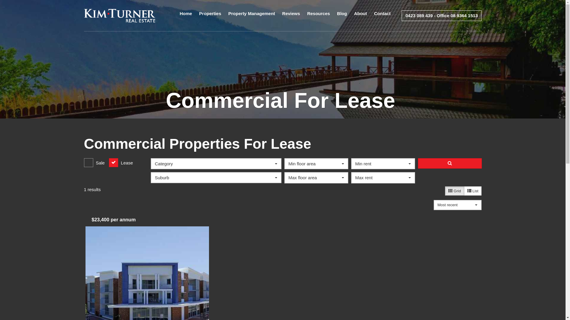 The width and height of the screenshot is (570, 320). I want to click on 'Min rent, so click(383, 164).